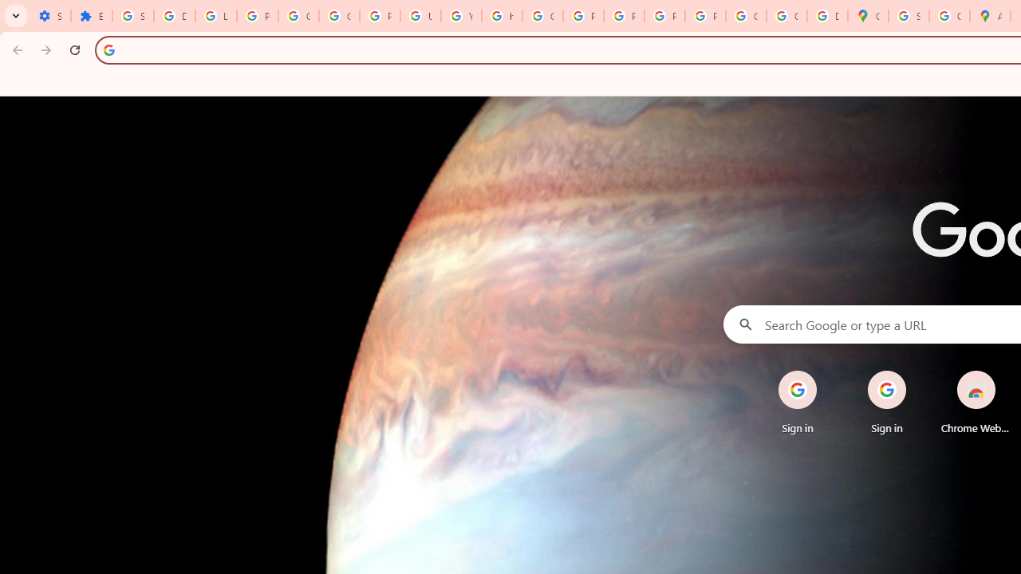 This screenshot has height=574, width=1021. I want to click on 'Sign in - Google Accounts', so click(909, 16).